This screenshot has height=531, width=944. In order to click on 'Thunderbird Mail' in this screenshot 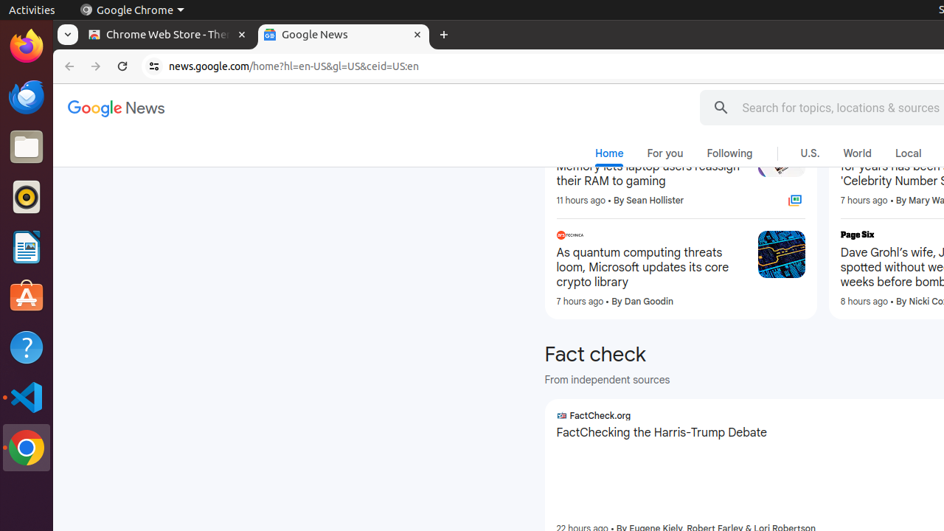, I will do `click(26, 96)`.